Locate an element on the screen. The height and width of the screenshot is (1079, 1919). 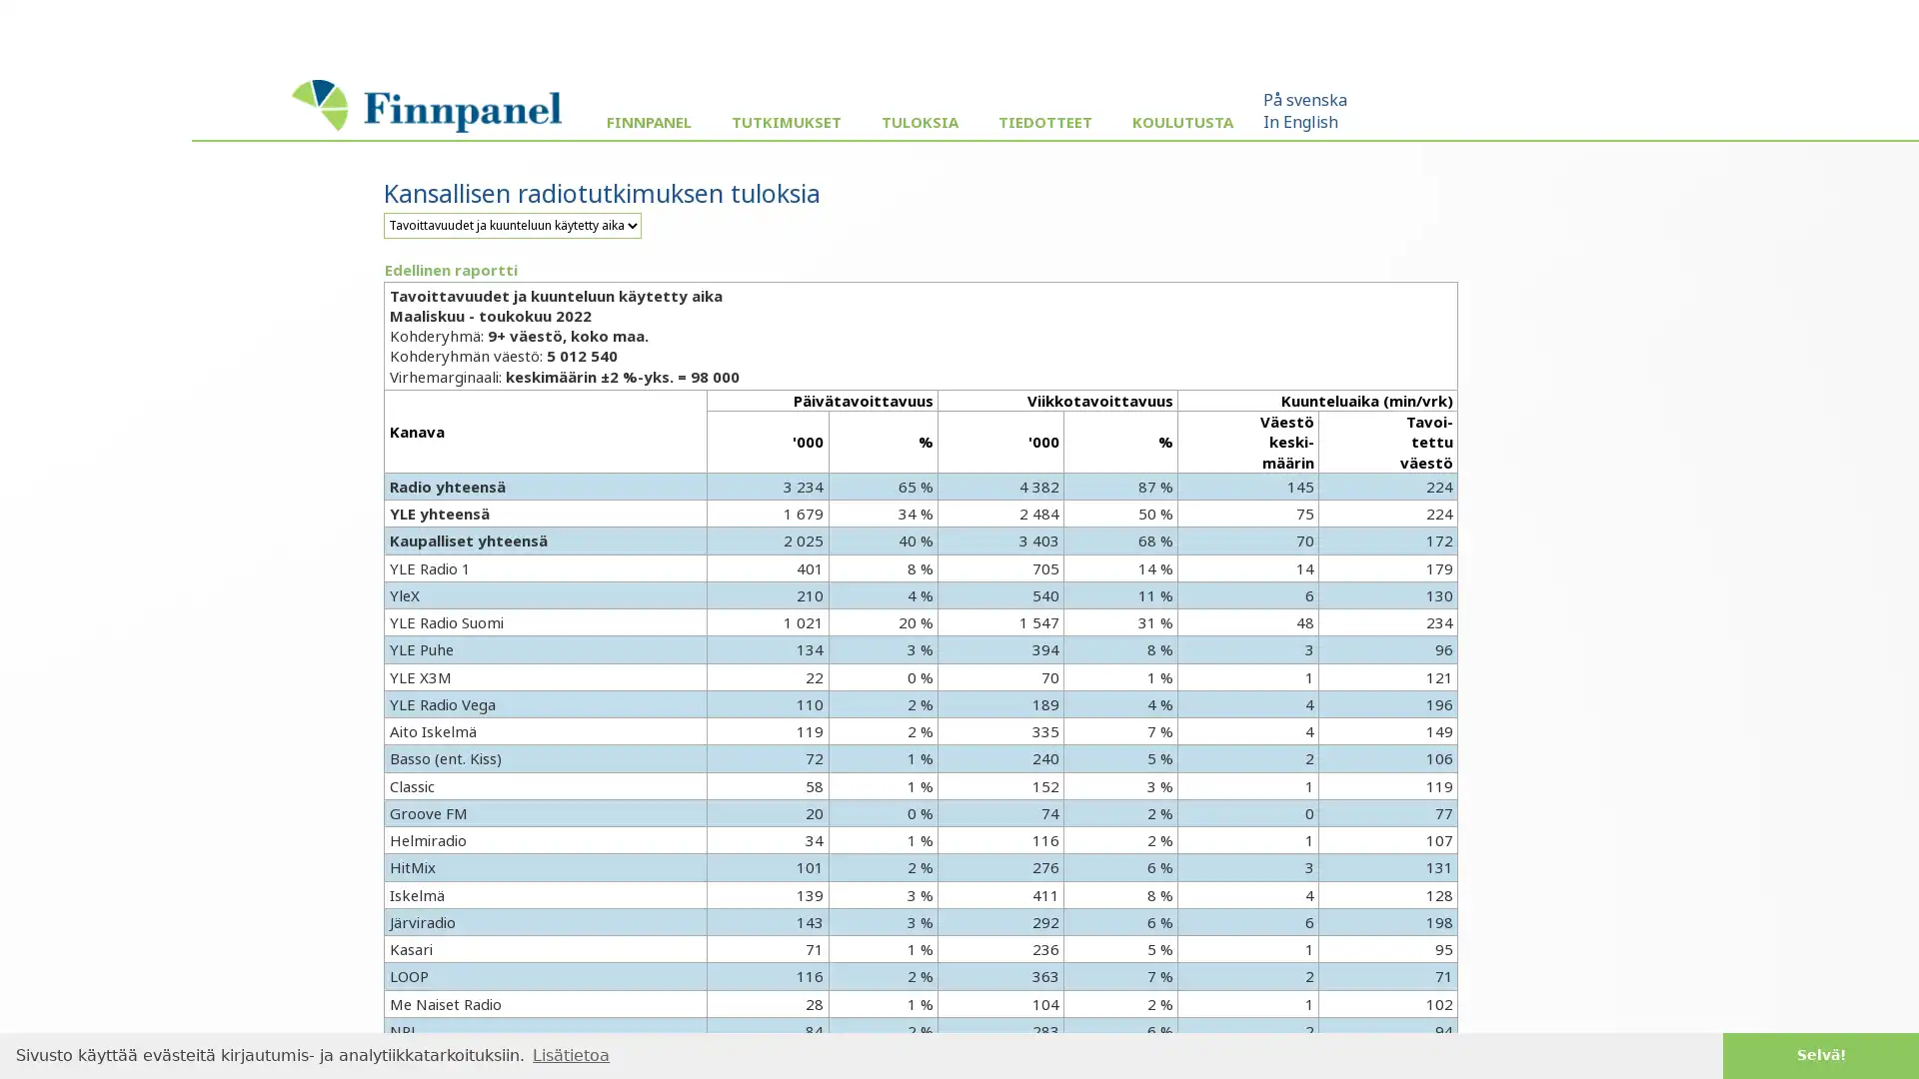
learn more about cookies is located at coordinates (570, 1054).